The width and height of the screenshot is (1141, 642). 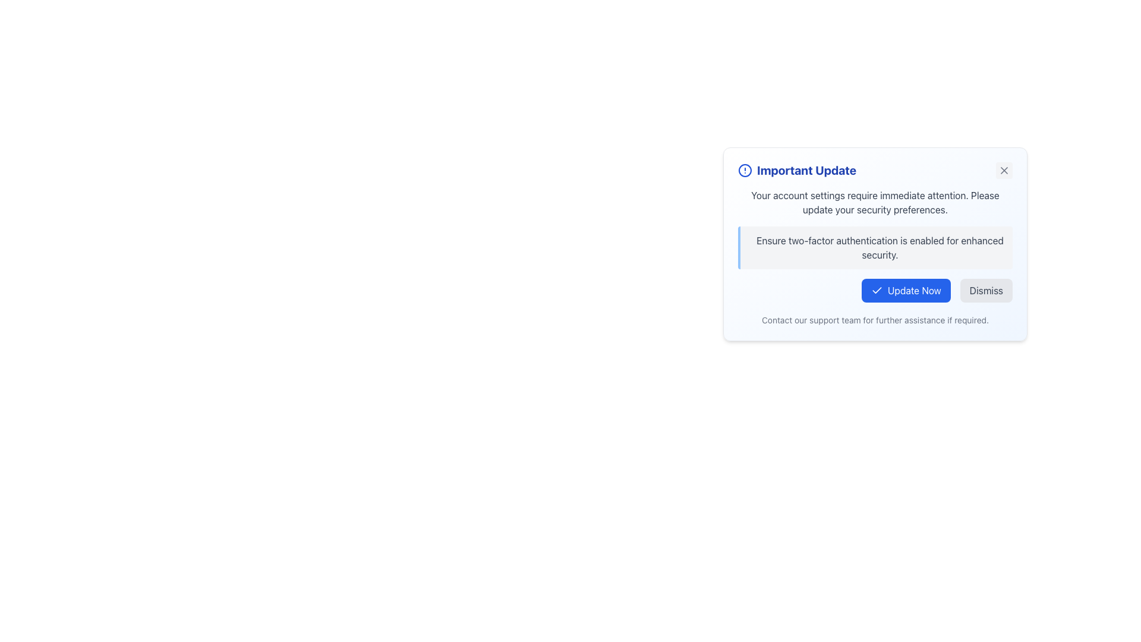 I want to click on the close button represented by an 'X' icon in the top-right corner of the 'Important Update' dialog box, so click(x=1003, y=170).